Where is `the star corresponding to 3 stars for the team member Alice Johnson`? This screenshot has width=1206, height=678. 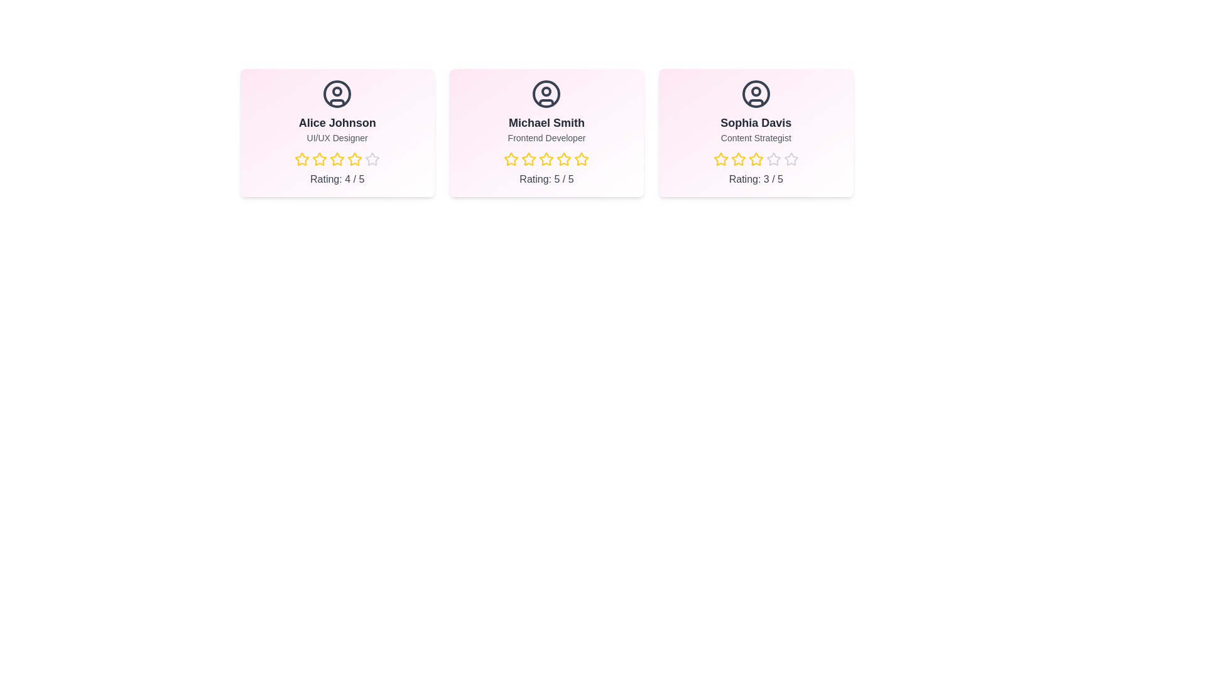
the star corresponding to 3 stars for the team member Alice Johnson is located at coordinates (337, 159).